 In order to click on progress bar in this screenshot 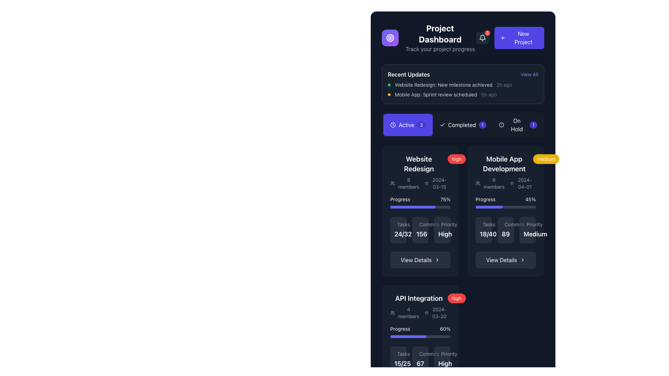, I will do `click(392, 336)`.